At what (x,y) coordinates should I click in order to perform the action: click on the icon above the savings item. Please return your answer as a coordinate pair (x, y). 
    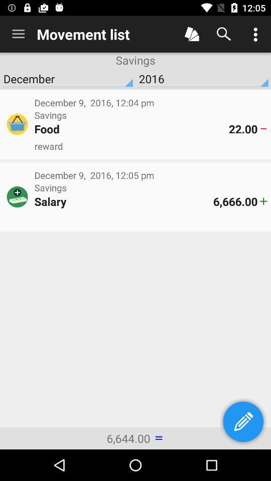
    Looking at the image, I should click on (18, 34).